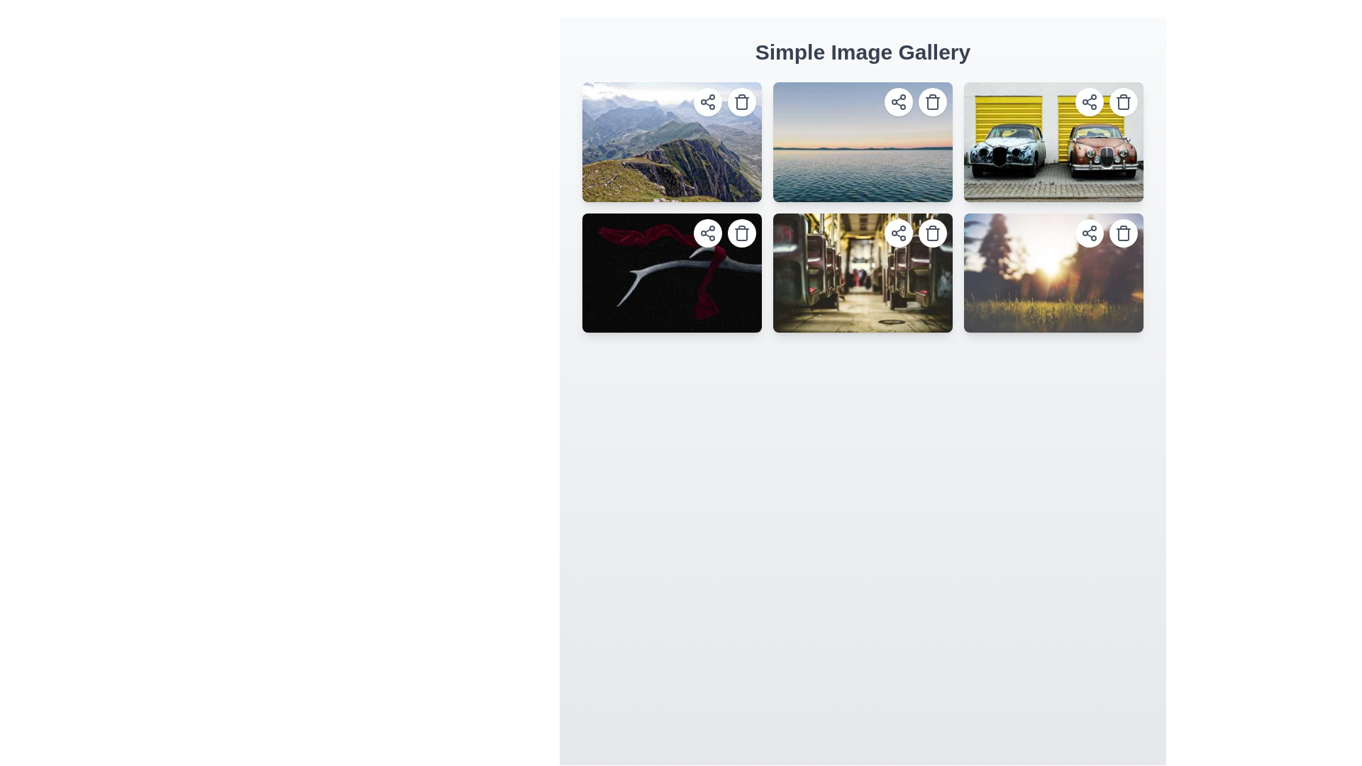  What do you see at coordinates (1106, 101) in the screenshot?
I see `the trash bin icon button located in the top-right corner of the image card` at bounding box center [1106, 101].